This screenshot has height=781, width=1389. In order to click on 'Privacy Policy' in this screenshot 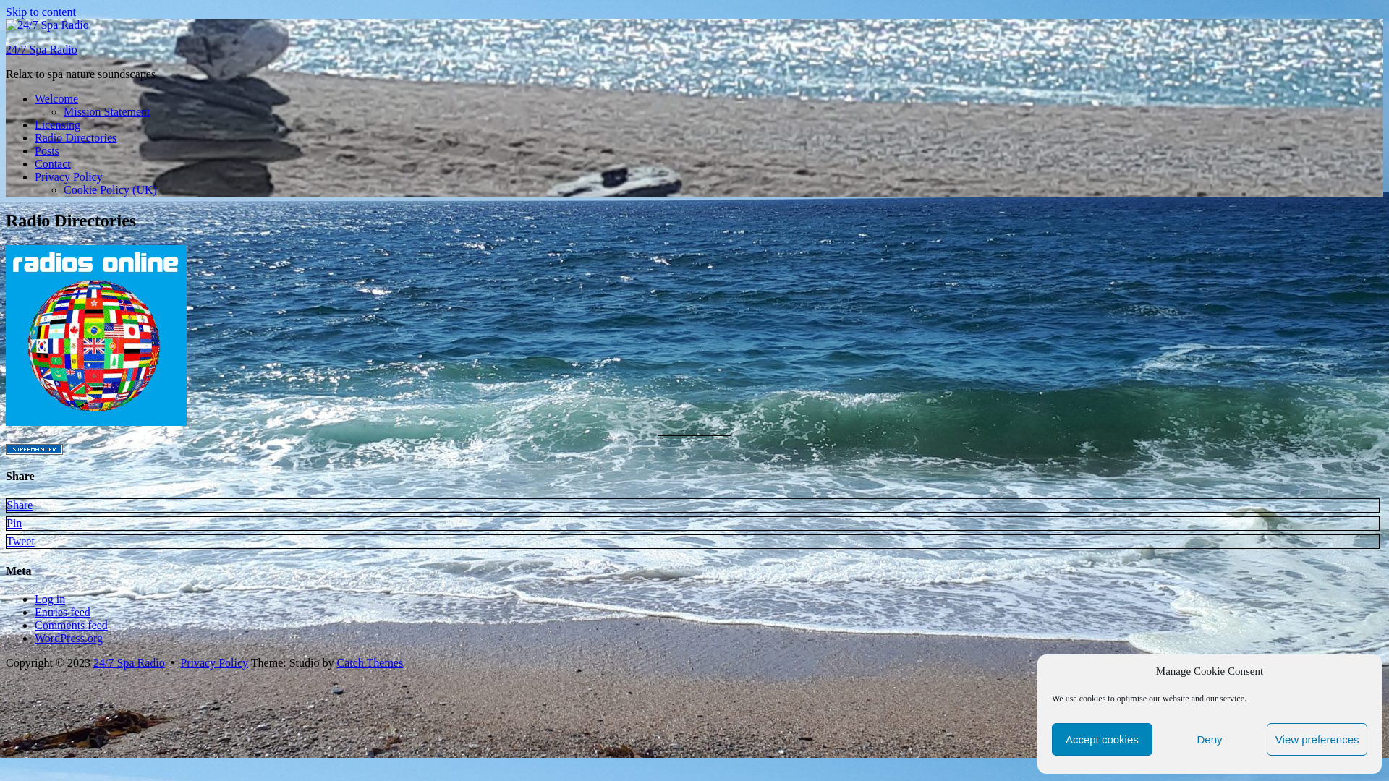, I will do `click(68, 176)`.